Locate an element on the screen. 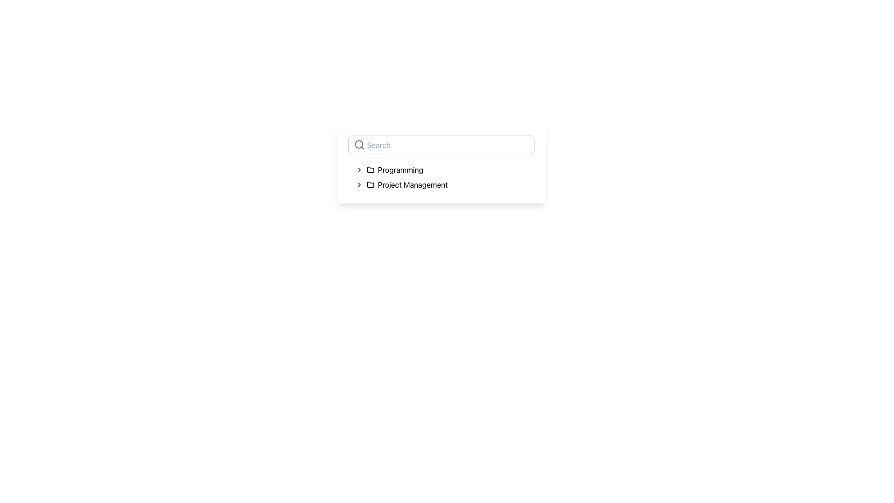  the Chevron icon located on the far left of the 'Project Management' section is located at coordinates (359, 185).